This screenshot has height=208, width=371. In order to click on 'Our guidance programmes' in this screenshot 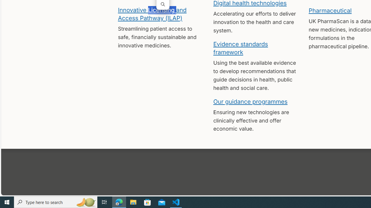, I will do `click(250, 101)`.